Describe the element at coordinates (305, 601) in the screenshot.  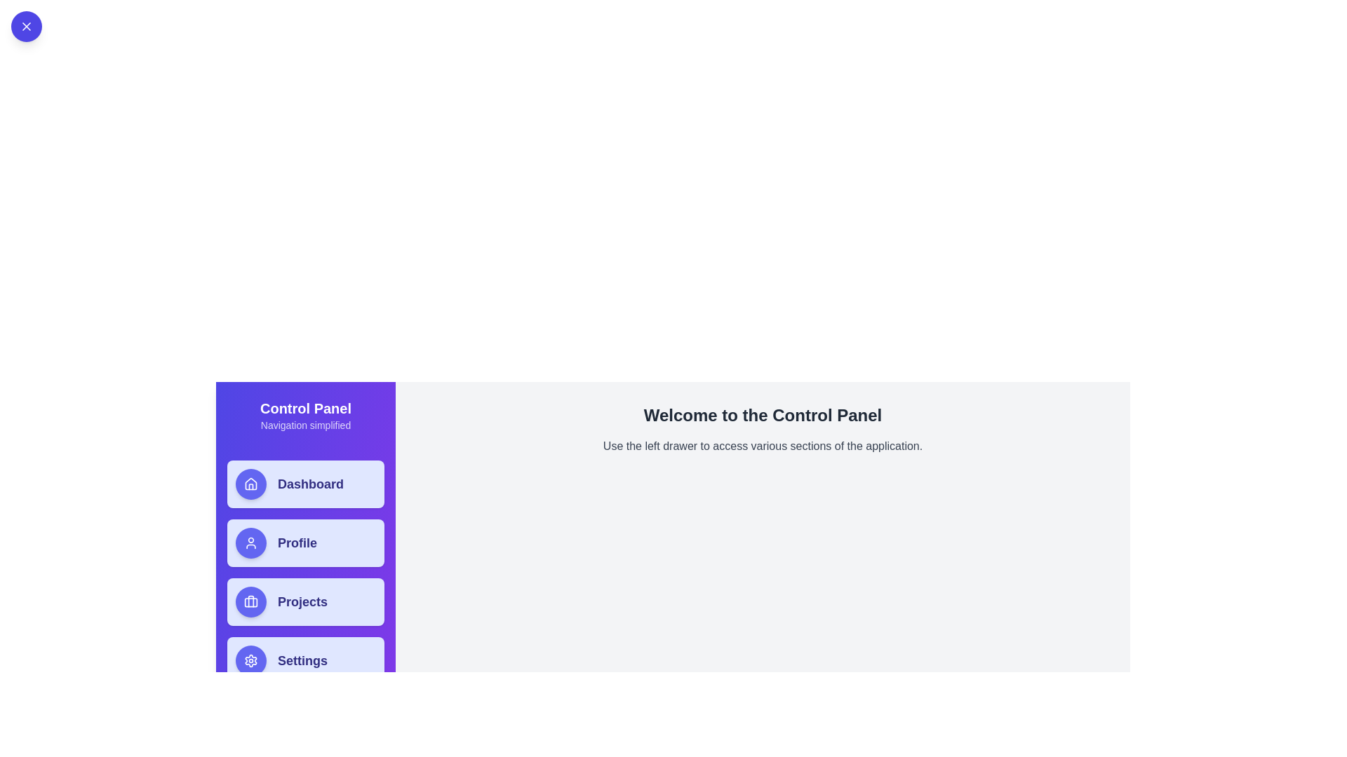
I see `the menu item labeled Projects in the drawer` at that location.